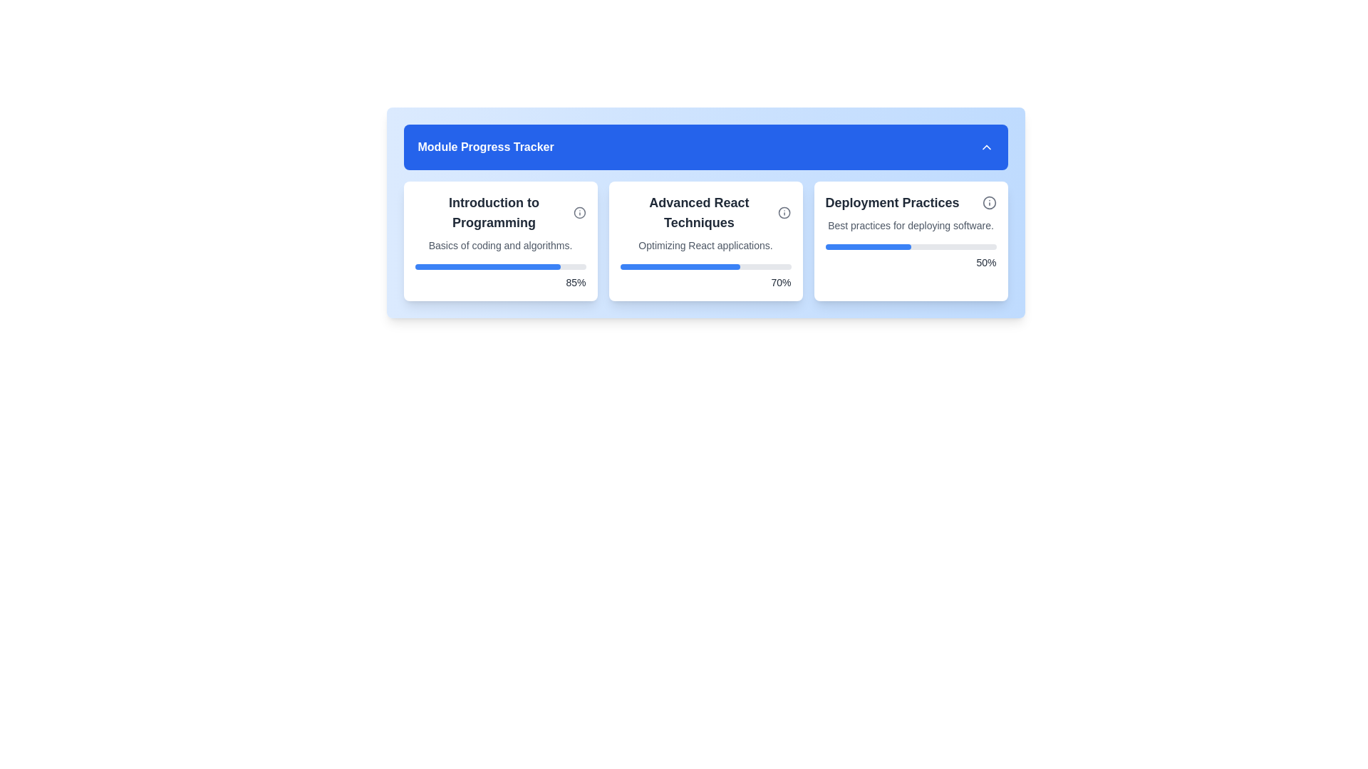 This screenshot has width=1368, height=769. Describe the element at coordinates (705, 213) in the screenshot. I see `the 'Advanced React Techniques' header, which is a bold-font text element centered at the top of the middle card in a three-card sequence` at that location.